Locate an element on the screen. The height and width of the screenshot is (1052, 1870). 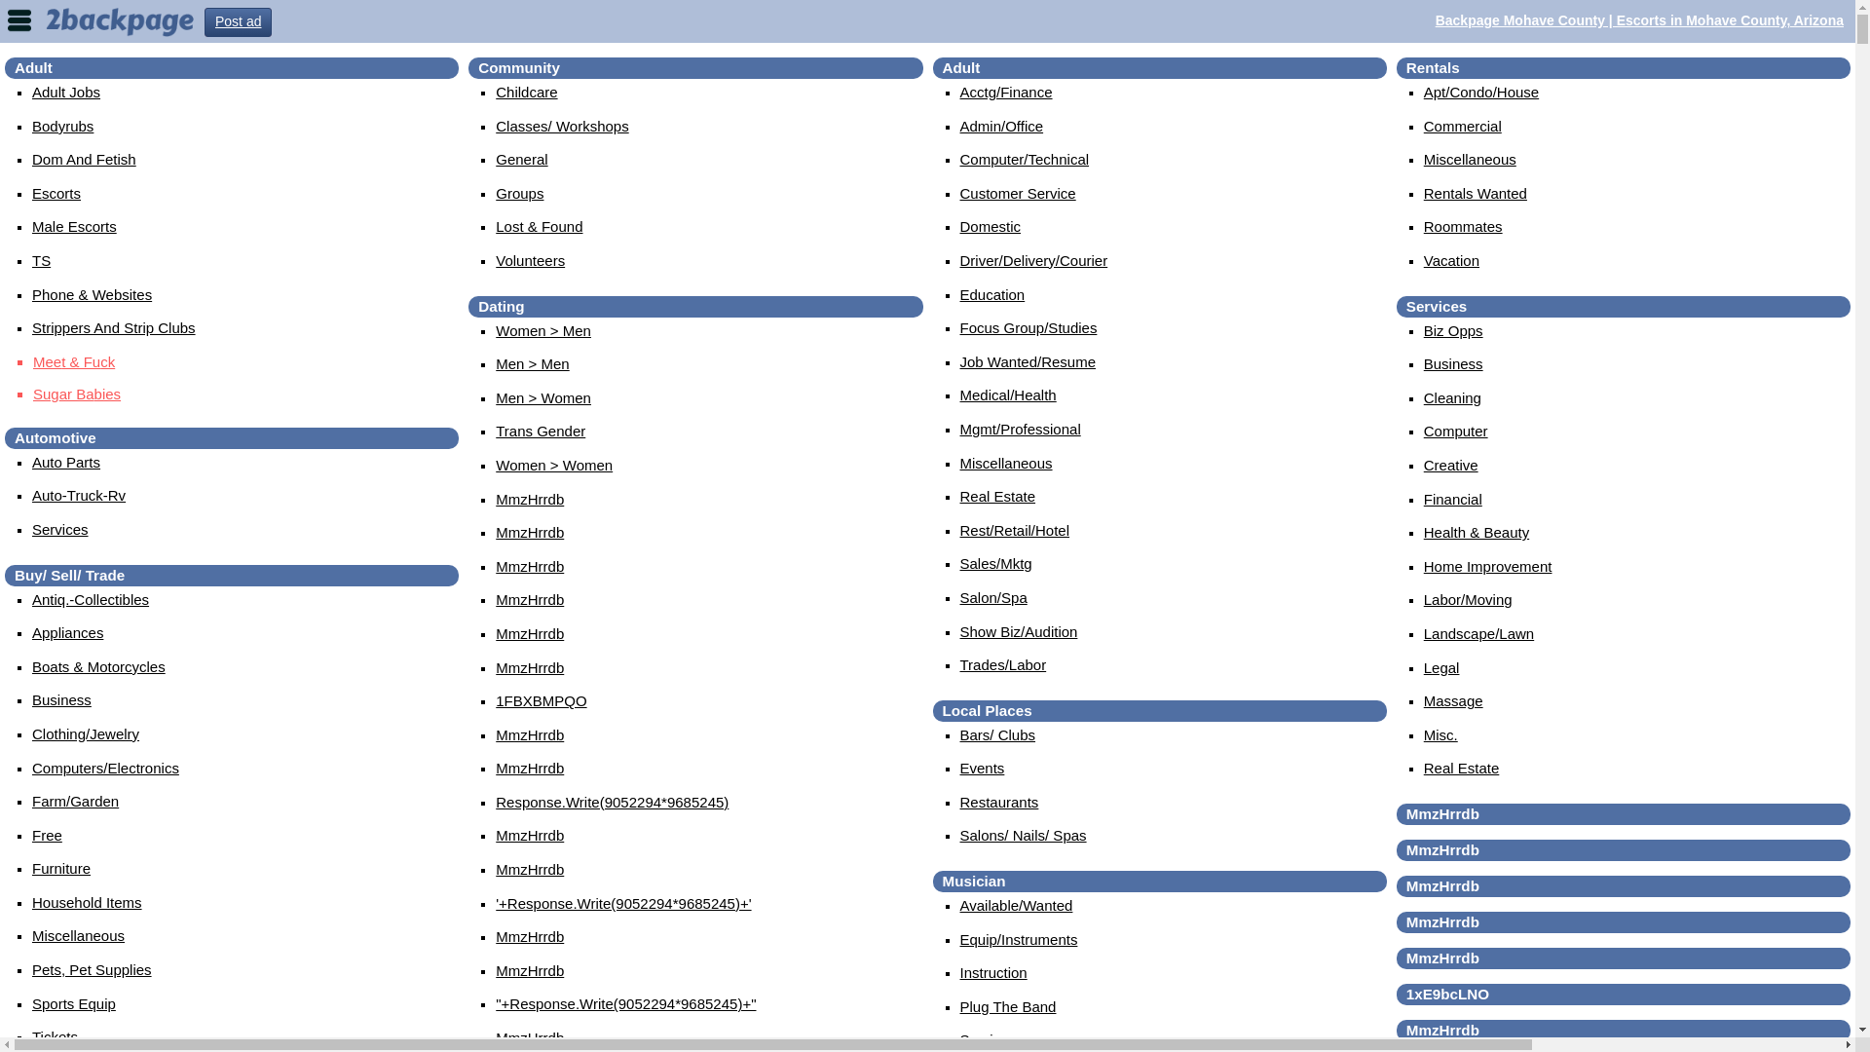
'Education' is located at coordinates (959, 294).